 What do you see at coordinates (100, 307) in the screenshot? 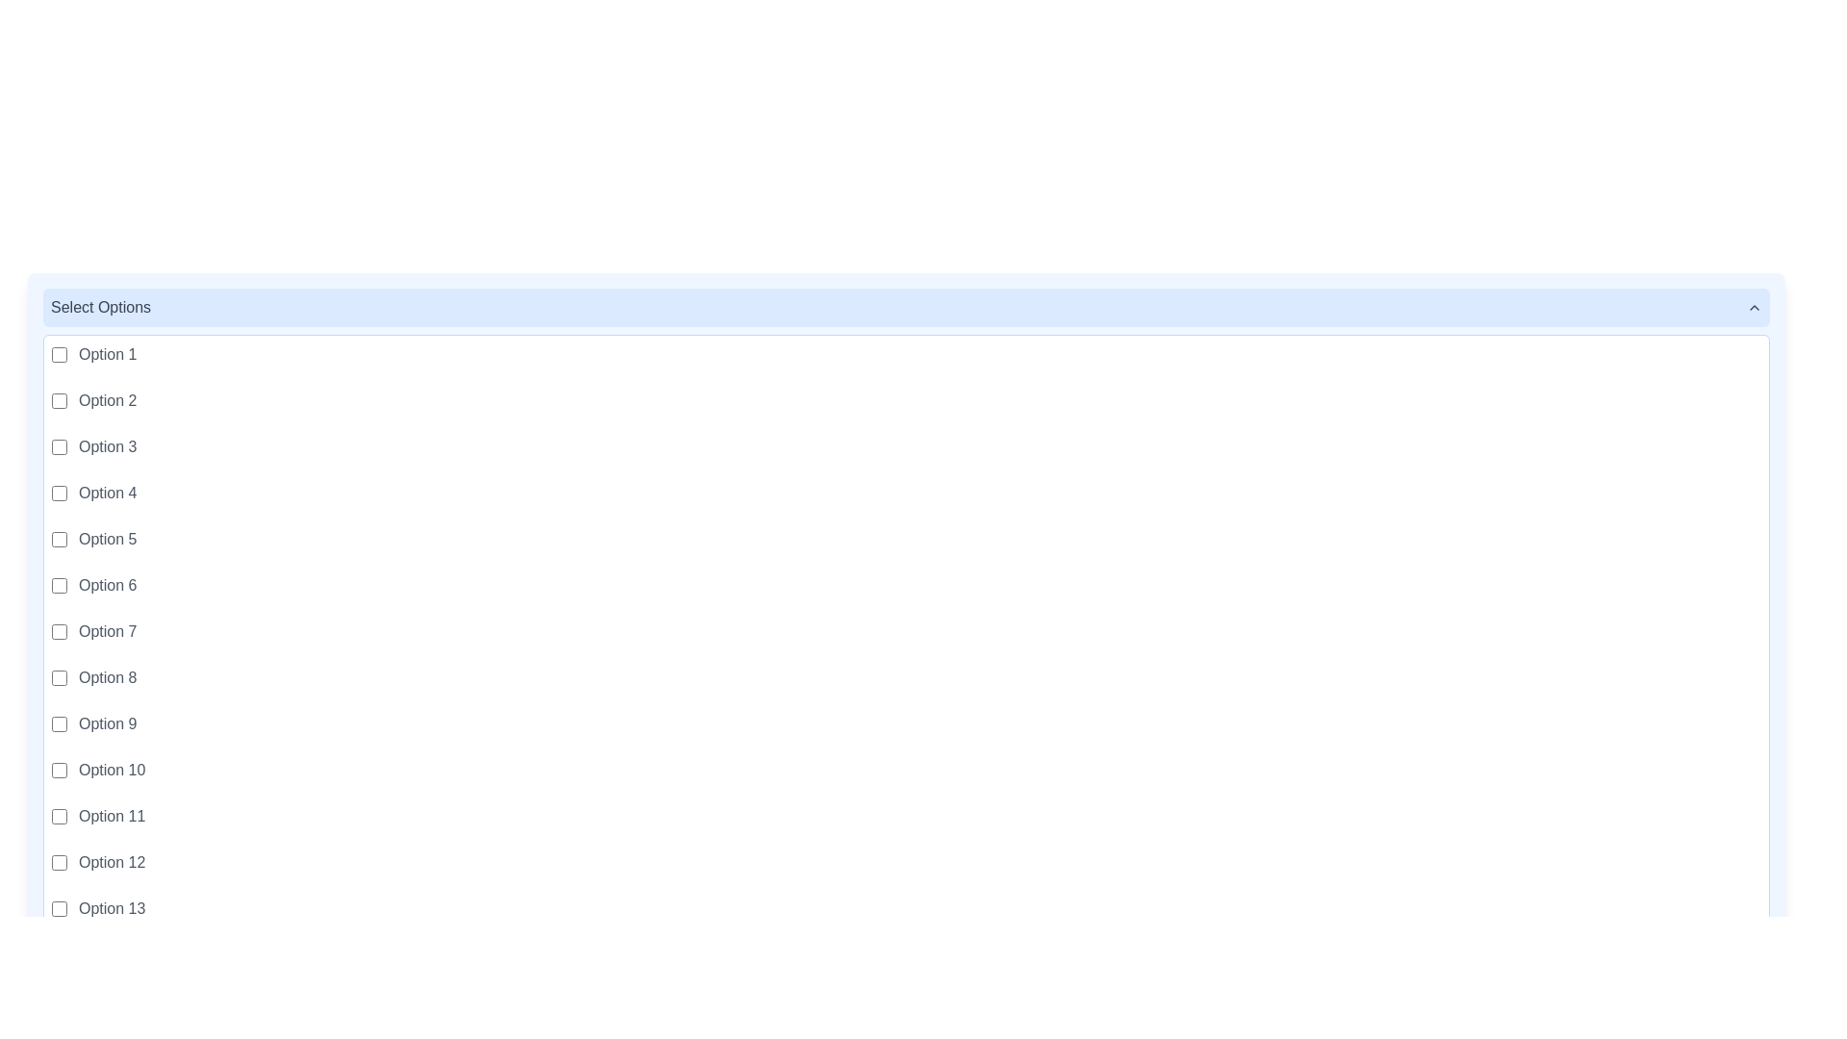
I see `the static text label located at the top left of the dropdown menu, which indicates the purpose of the related component` at bounding box center [100, 307].